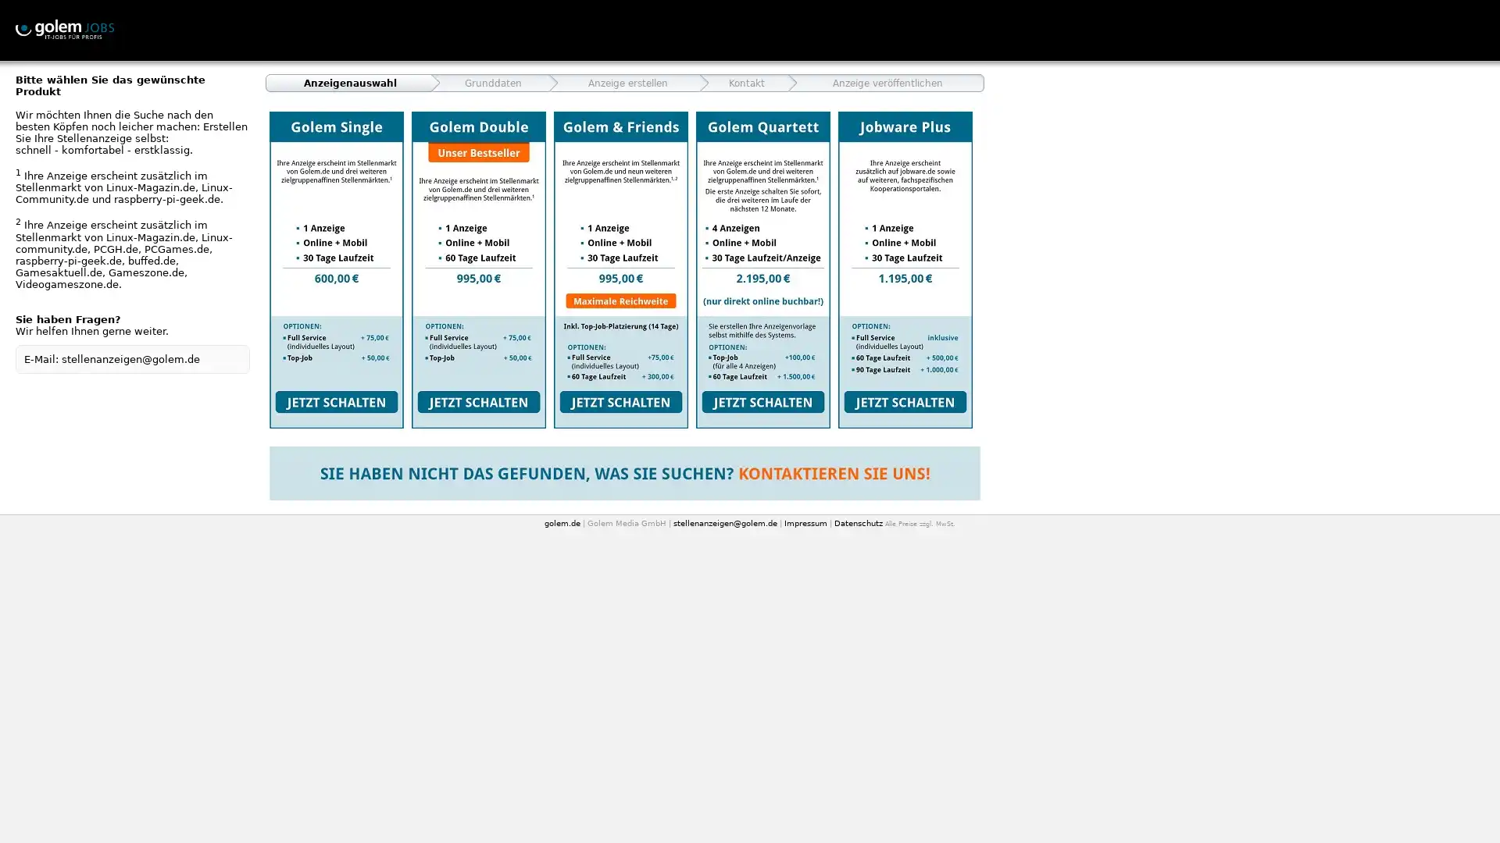 The width and height of the screenshot is (1500, 843). What do you see at coordinates (478, 269) in the screenshot?
I see `Submit` at bounding box center [478, 269].